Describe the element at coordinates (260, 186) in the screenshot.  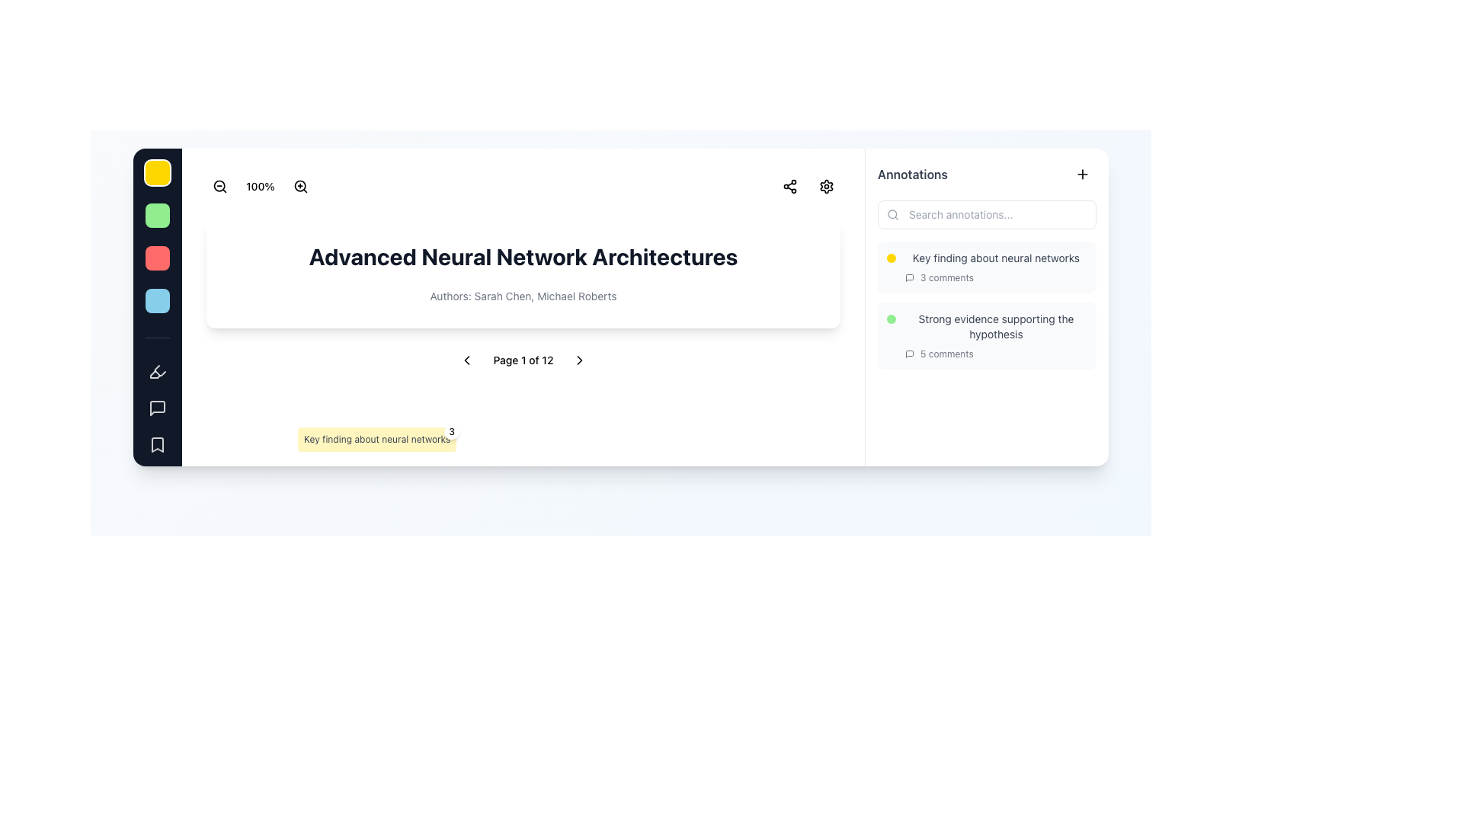
I see `the zoom level indicator label located centrally between the zoom-out and zoom-in buttons at the top-left corner of the interface` at that location.